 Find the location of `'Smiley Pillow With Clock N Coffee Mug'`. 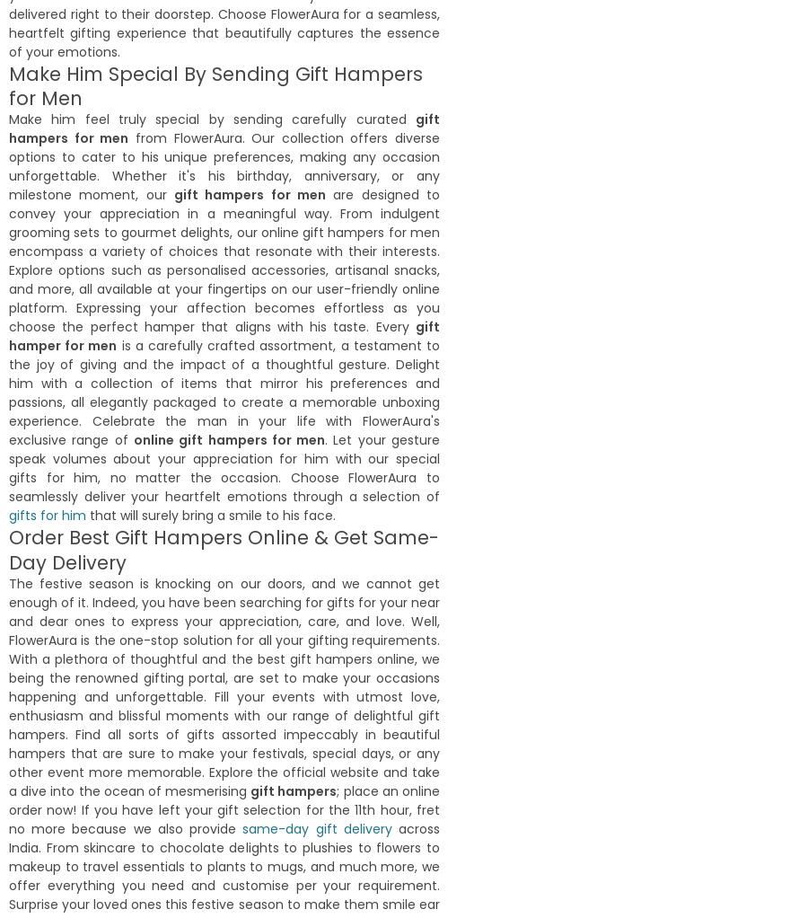

'Smiley Pillow With Clock N Coffee Mug' is located at coordinates (233, 253).